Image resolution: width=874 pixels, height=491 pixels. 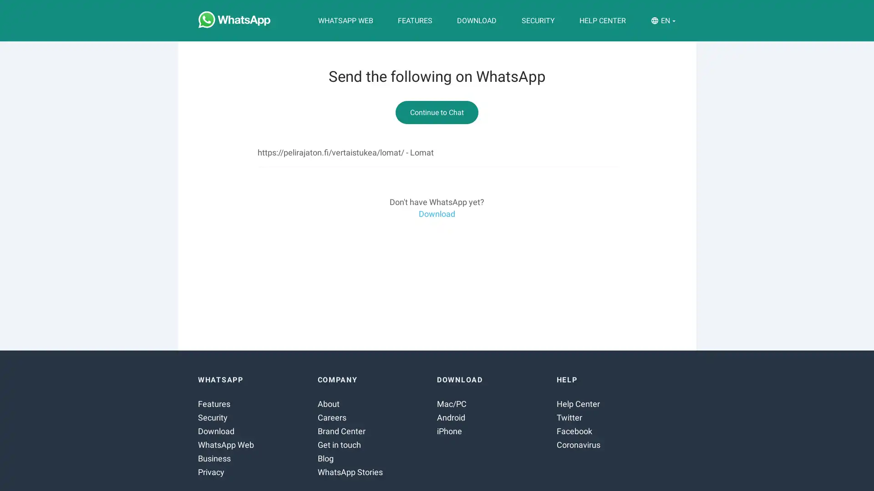 What do you see at coordinates (663, 20) in the screenshot?
I see `EN` at bounding box center [663, 20].